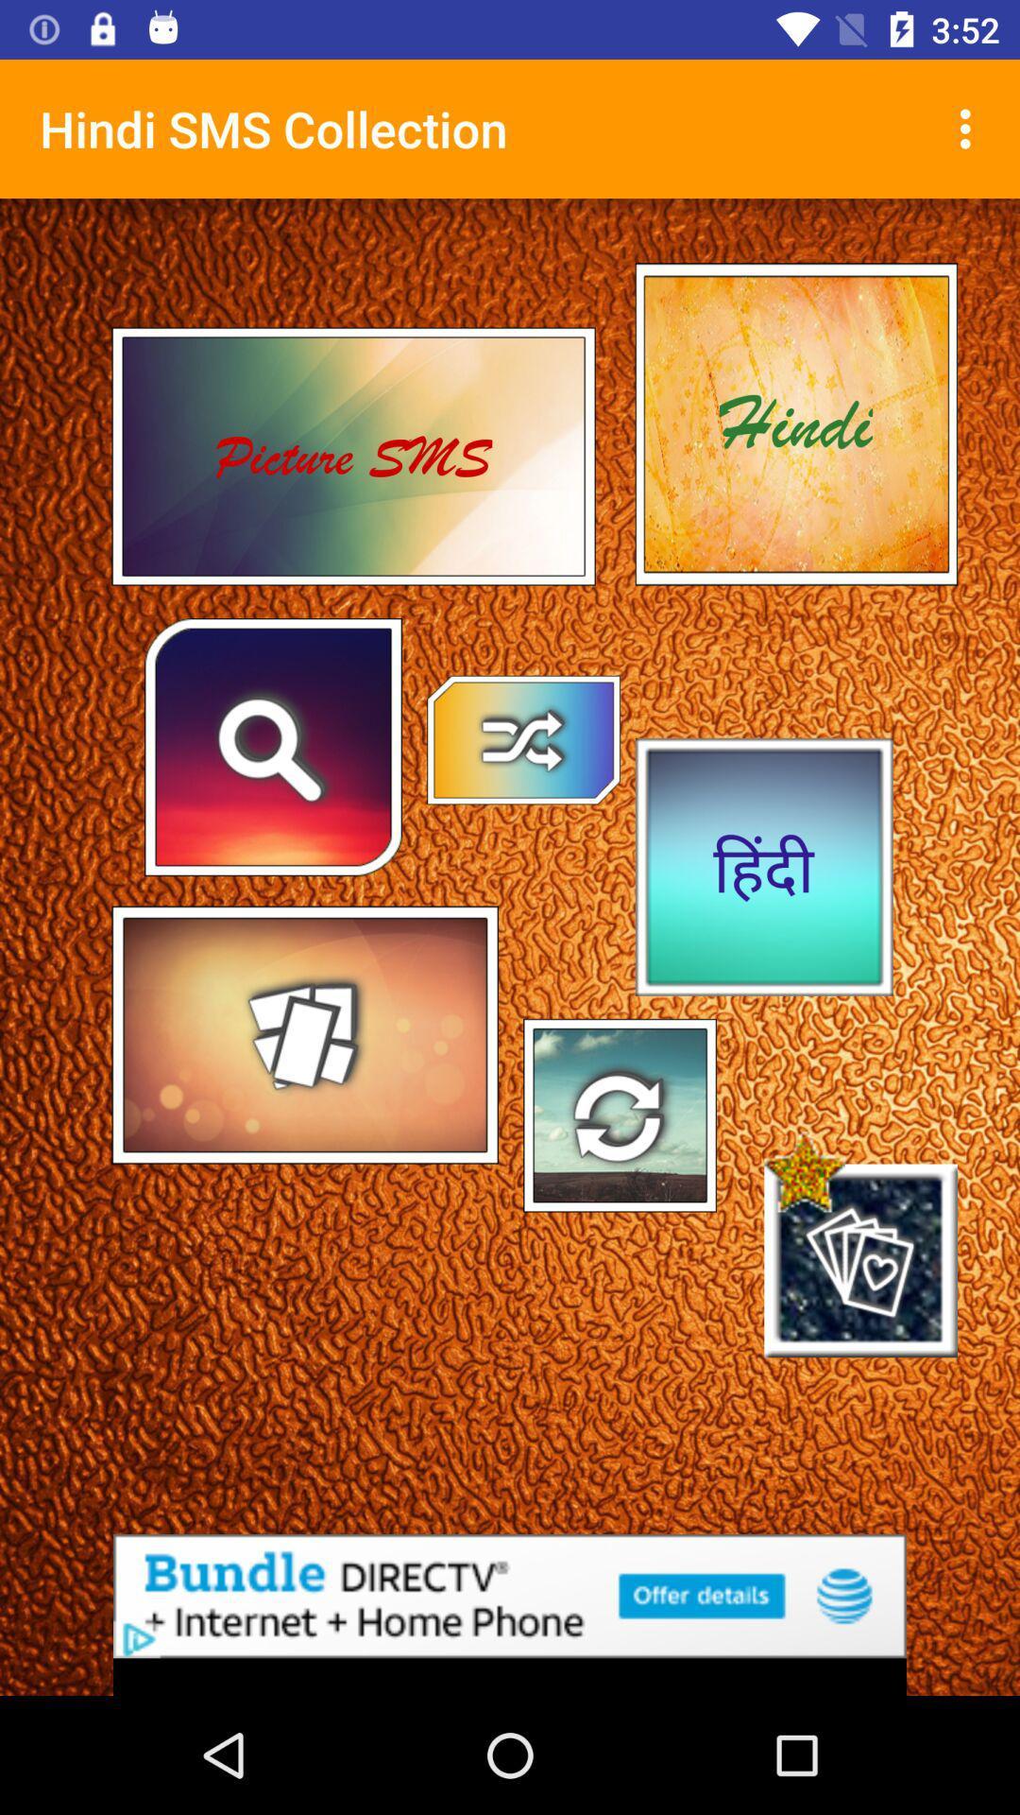  What do you see at coordinates (510, 1595) in the screenshot?
I see `the advertised site` at bounding box center [510, 1595].